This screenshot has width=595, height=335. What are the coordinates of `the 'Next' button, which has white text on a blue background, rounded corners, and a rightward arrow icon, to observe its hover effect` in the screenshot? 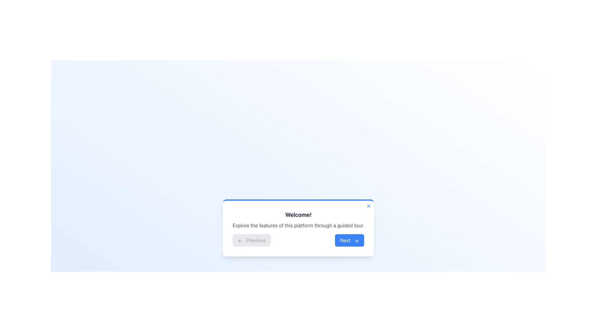 It's located at (350, 240).